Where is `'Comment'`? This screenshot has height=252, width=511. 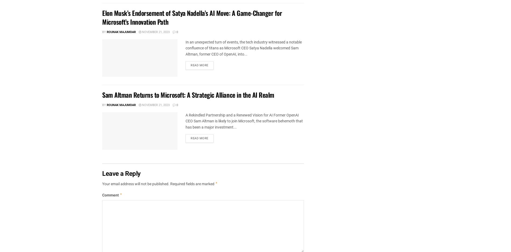
'Comment' is located at coordinates (111, 195).